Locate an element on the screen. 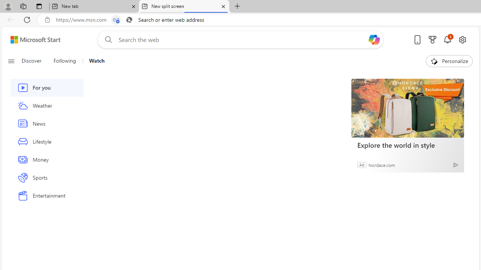 The width and height of the screenshot is (481, 270). 'Open settings' is located at coordinates (462, 39).